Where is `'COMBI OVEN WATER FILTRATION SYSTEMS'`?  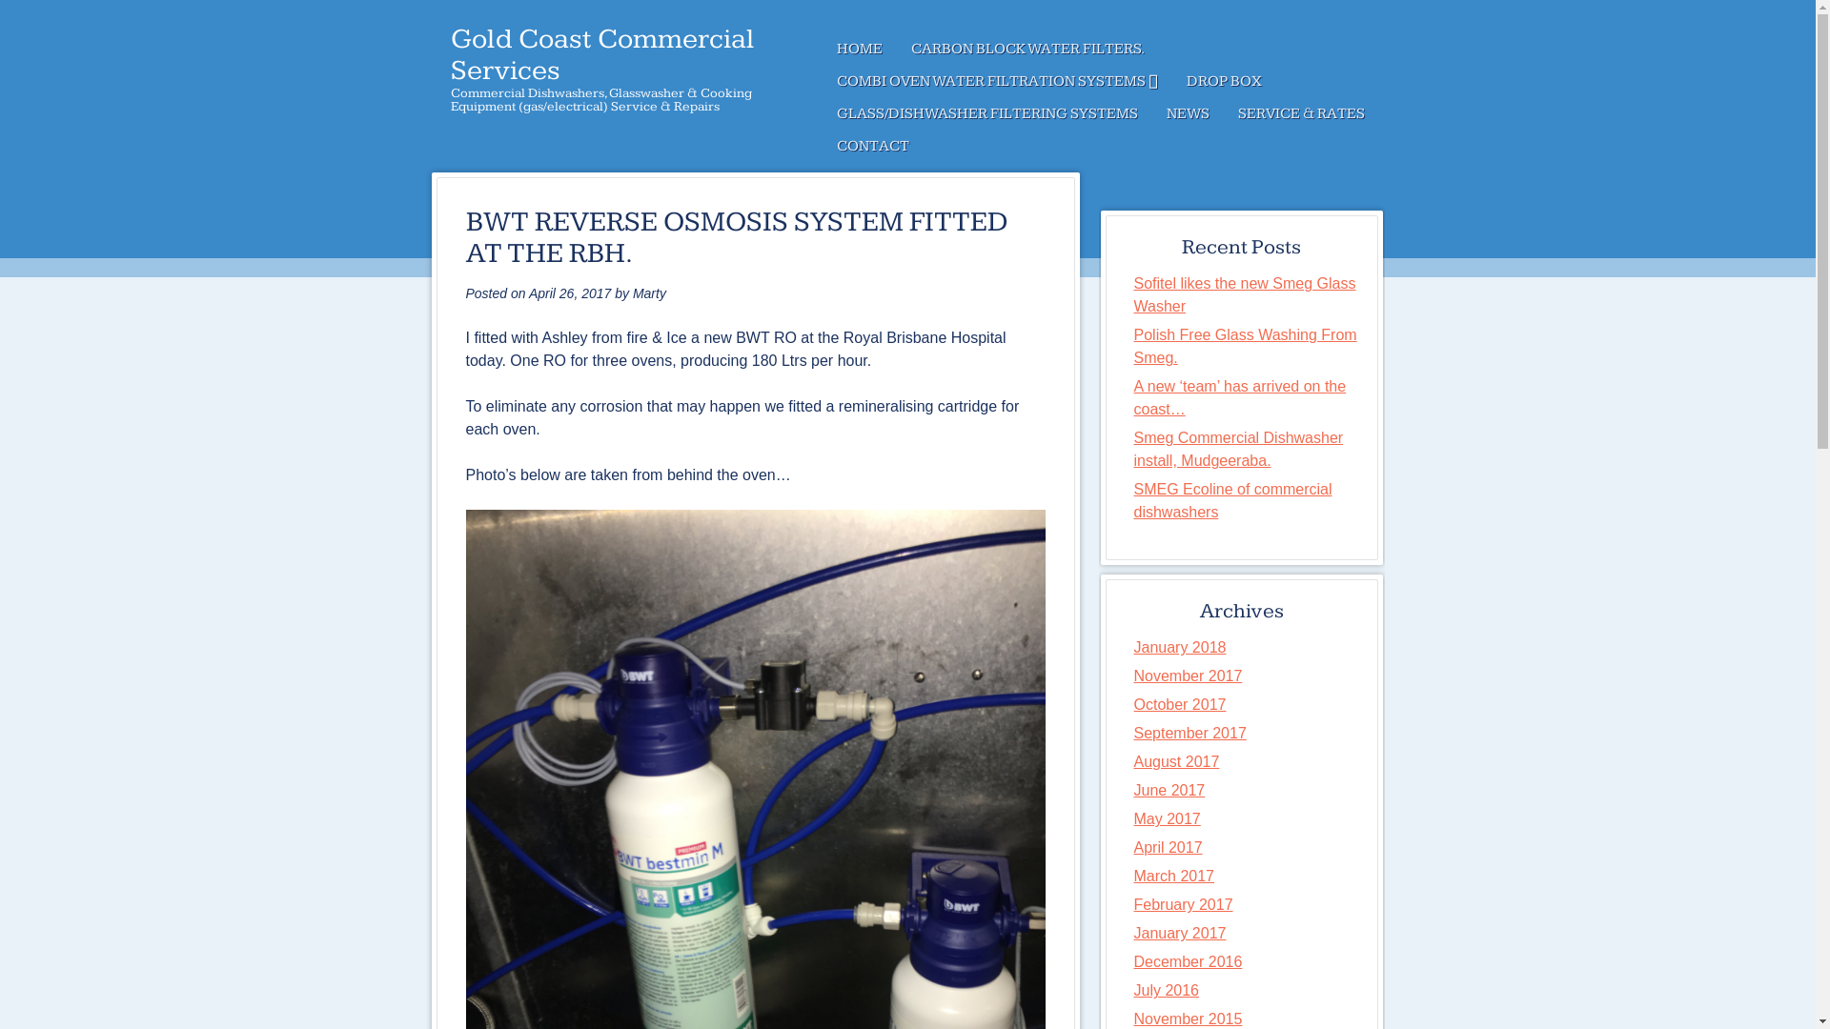 'COMBI OVEN WATER FILTRATION SYSTEMS' is located at coordinates (822, 80).